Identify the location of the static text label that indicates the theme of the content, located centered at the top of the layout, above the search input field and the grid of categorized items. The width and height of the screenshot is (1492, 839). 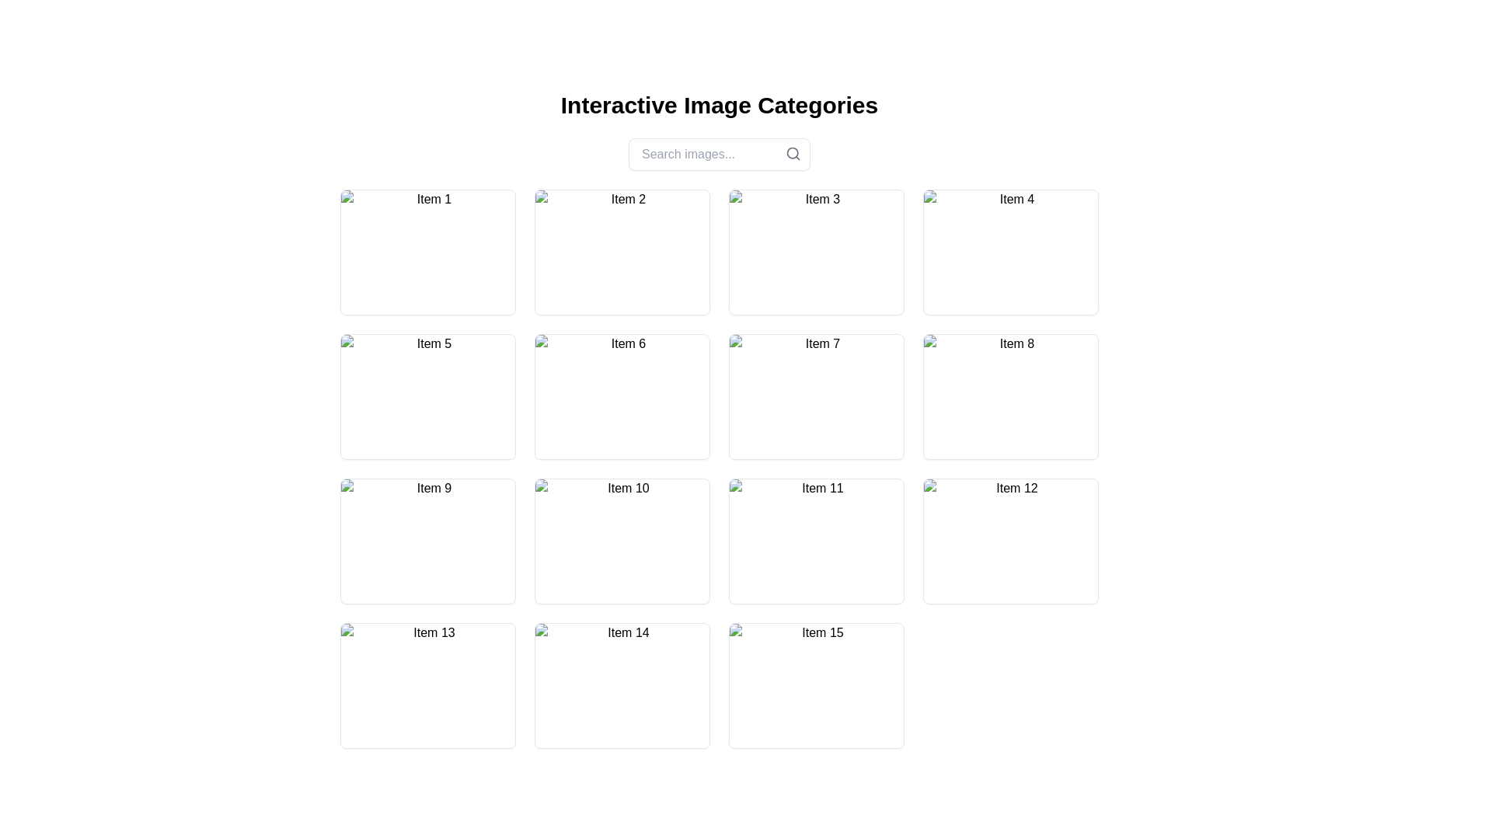
(719, 105).